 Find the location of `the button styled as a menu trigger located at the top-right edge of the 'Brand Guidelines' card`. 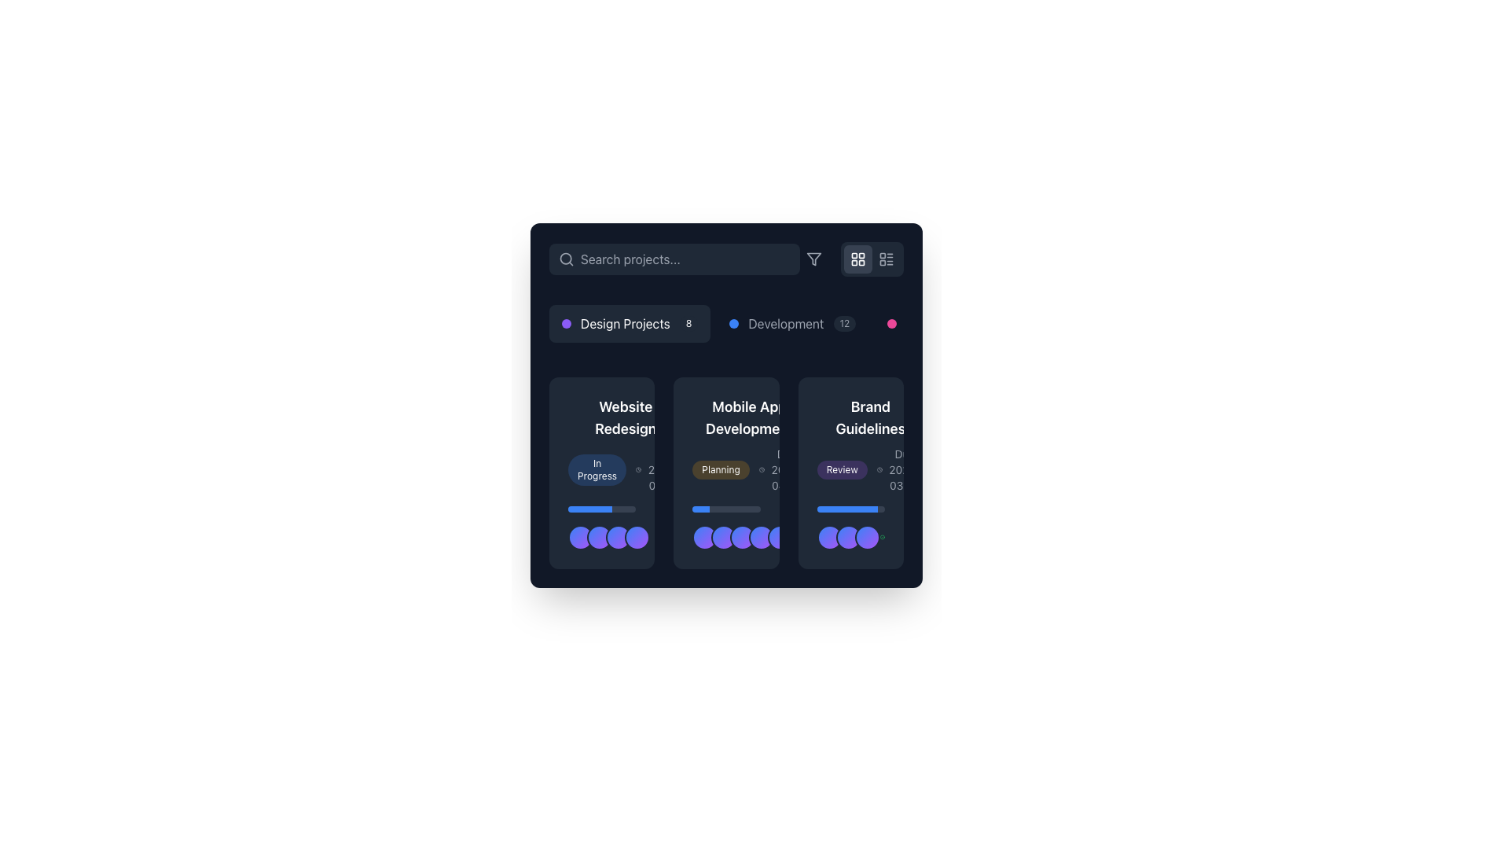

the button styled as a menu trigger located at the top-right edge of the 'Brand Guidelines' card is located at coordinates (938, 409).